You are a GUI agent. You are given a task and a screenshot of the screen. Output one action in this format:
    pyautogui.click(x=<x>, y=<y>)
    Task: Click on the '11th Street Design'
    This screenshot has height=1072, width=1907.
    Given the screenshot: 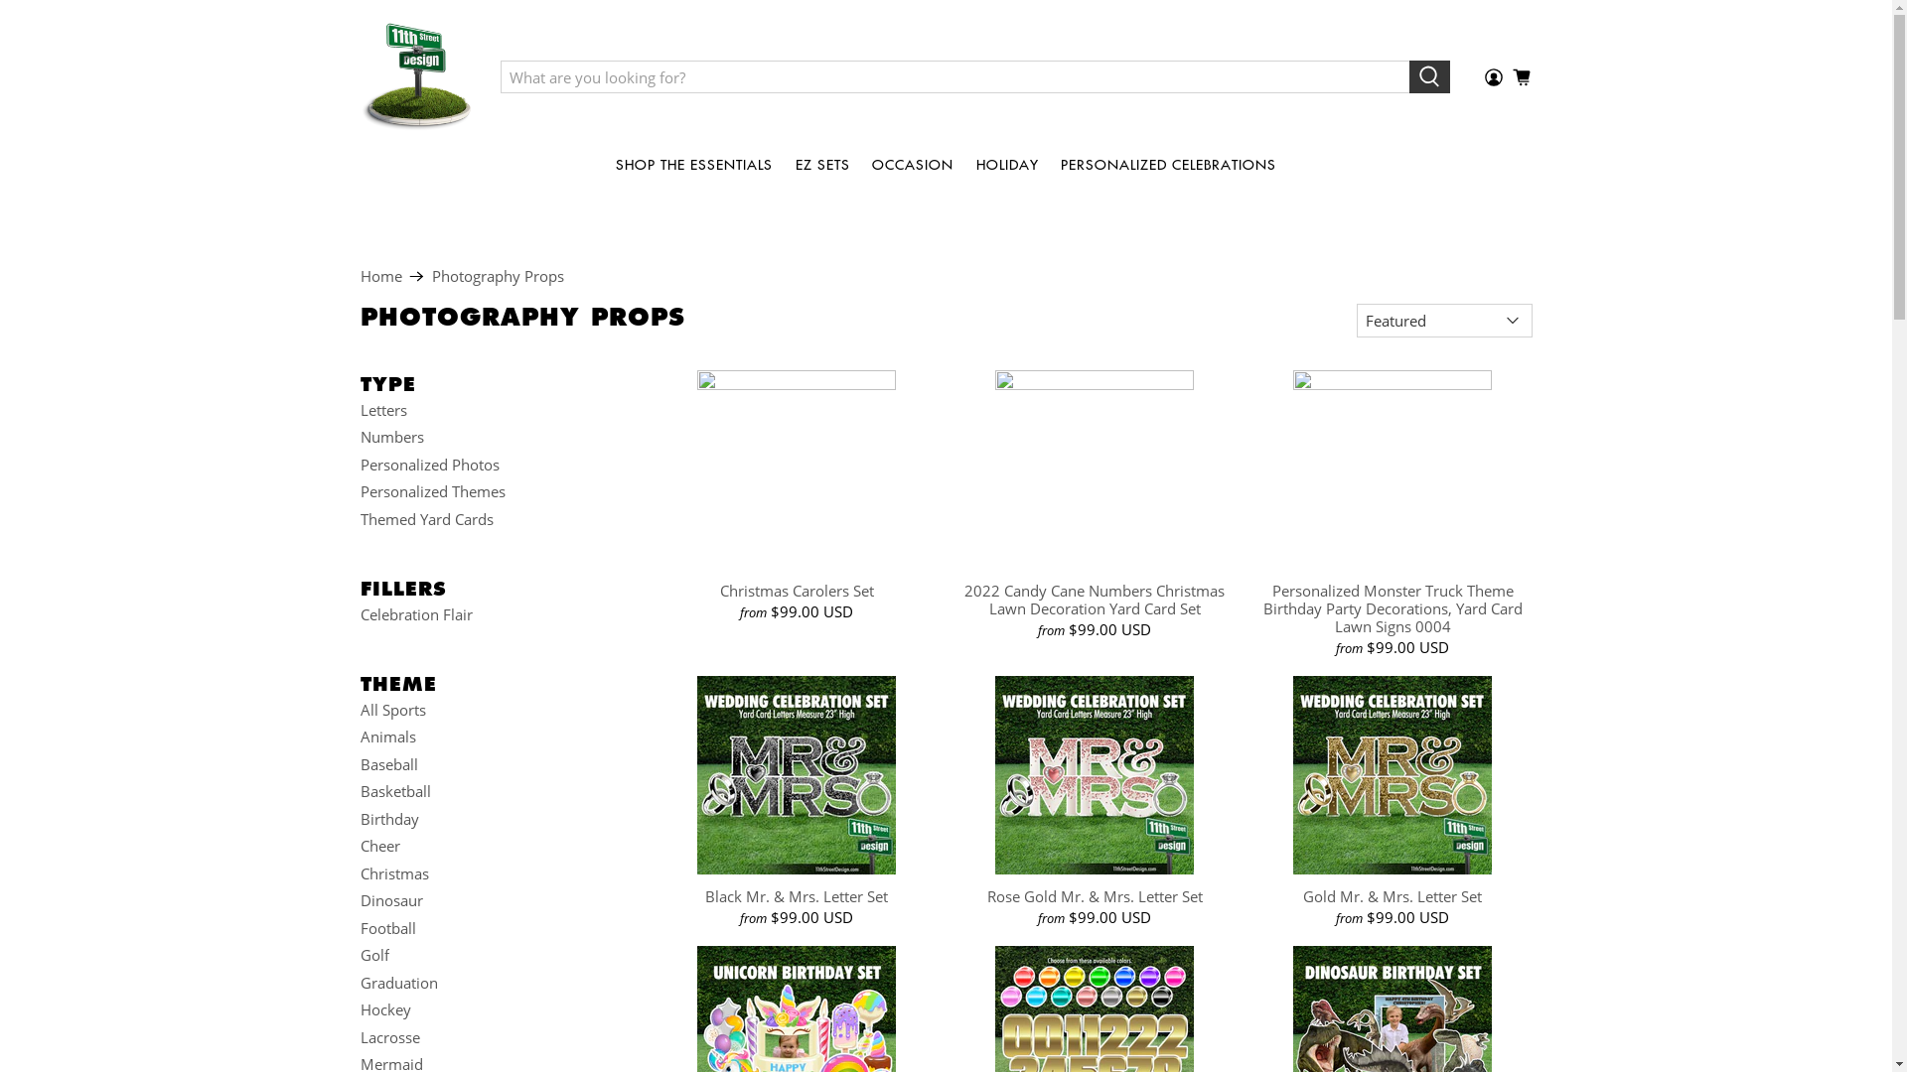 What is the action you would take?
    pyautogui.click(x=414, y=75)
    